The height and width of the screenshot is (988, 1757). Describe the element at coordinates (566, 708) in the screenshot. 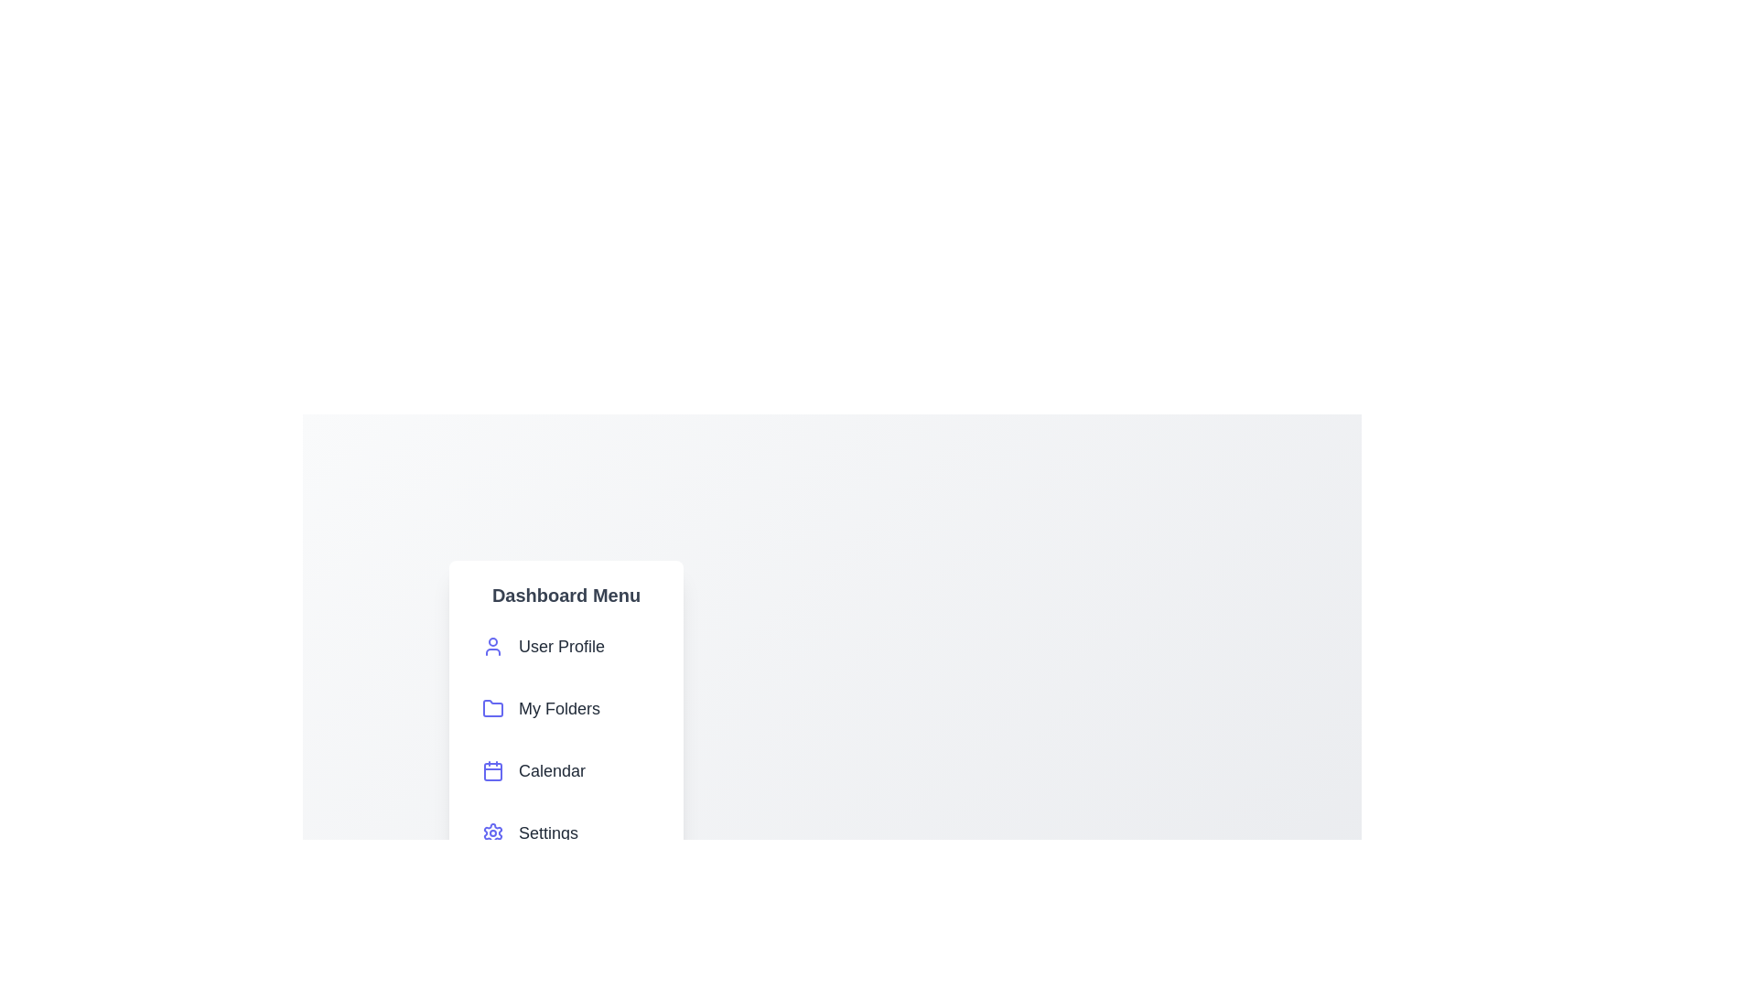

I see `the menu item My Folders to highlight it` at that location.